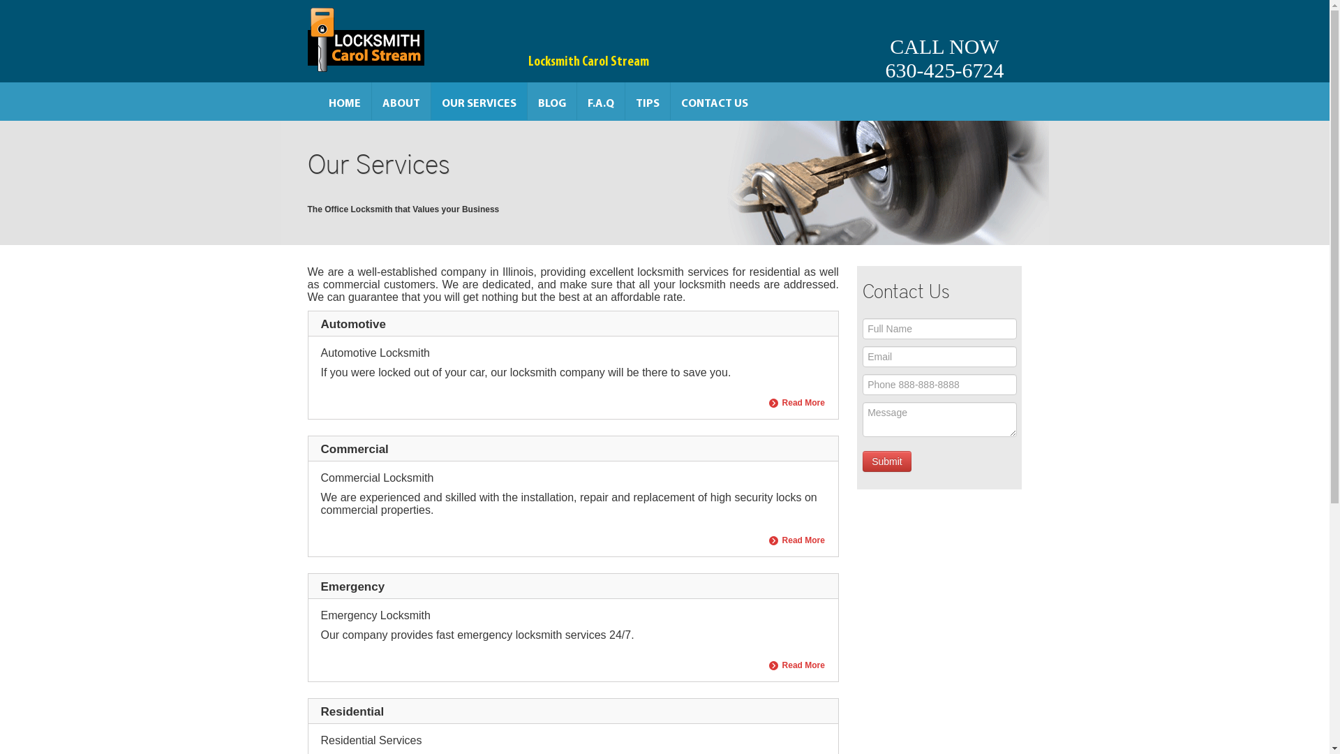 The image size is (1340, 754). What do you see at coordinates (345, 101) in the screenshot?
I see `'HOME'` at bounding box center [345, 101].